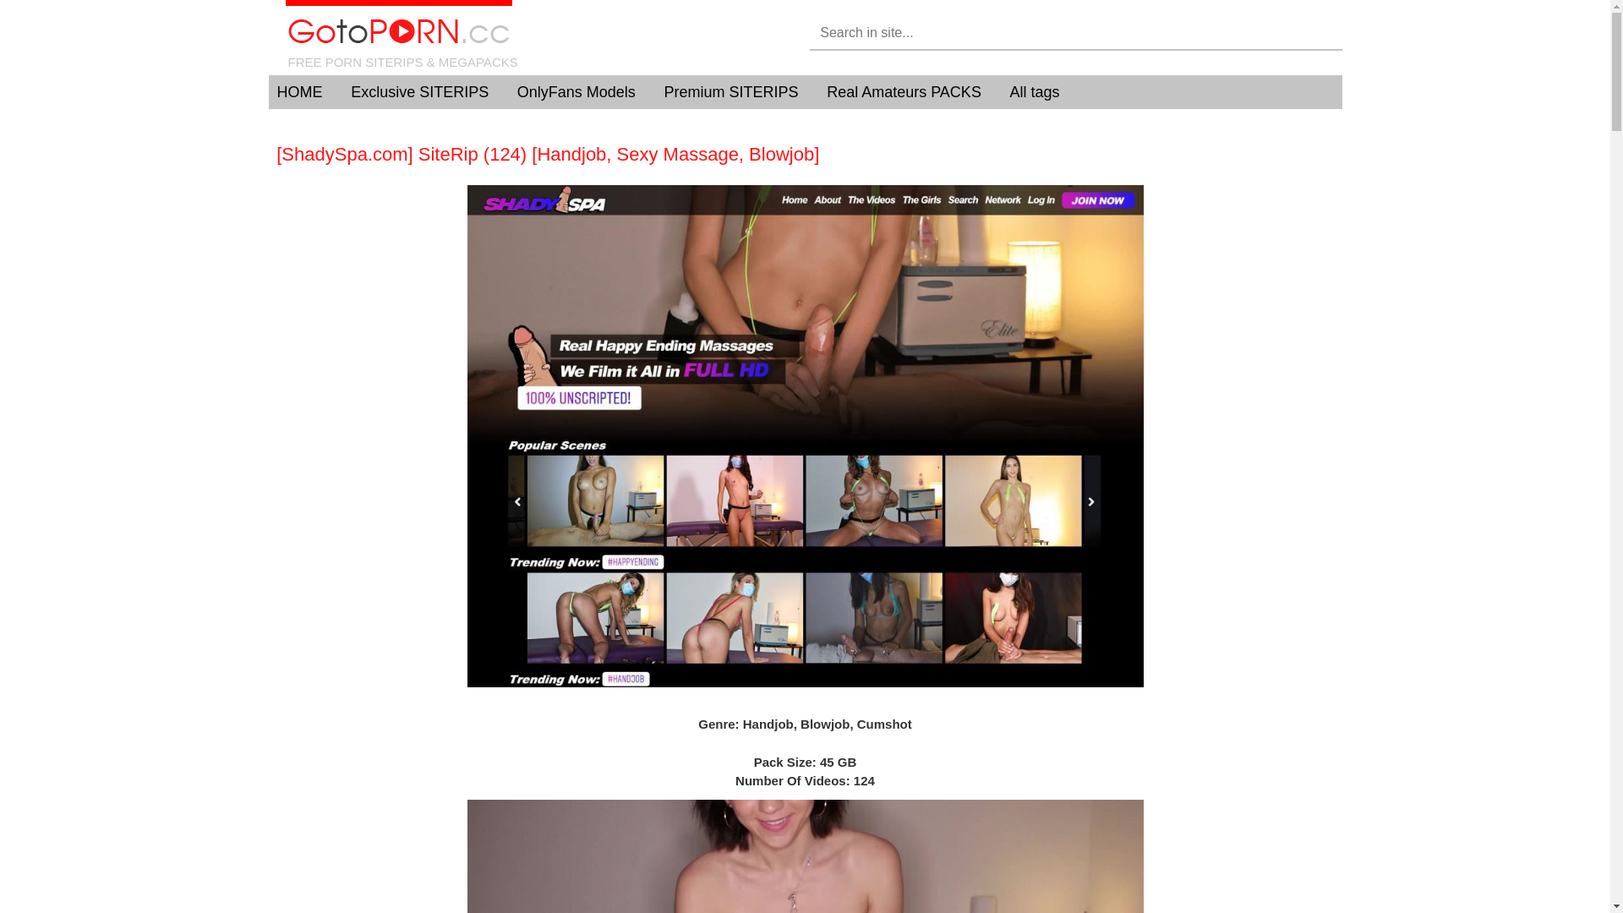 Image resolution: width=1623 pixels, height=913 pixels. Describe the element at coordinates (827, 91) in the screenshot. I see `'Real Amateurs PACKS'` at that location.